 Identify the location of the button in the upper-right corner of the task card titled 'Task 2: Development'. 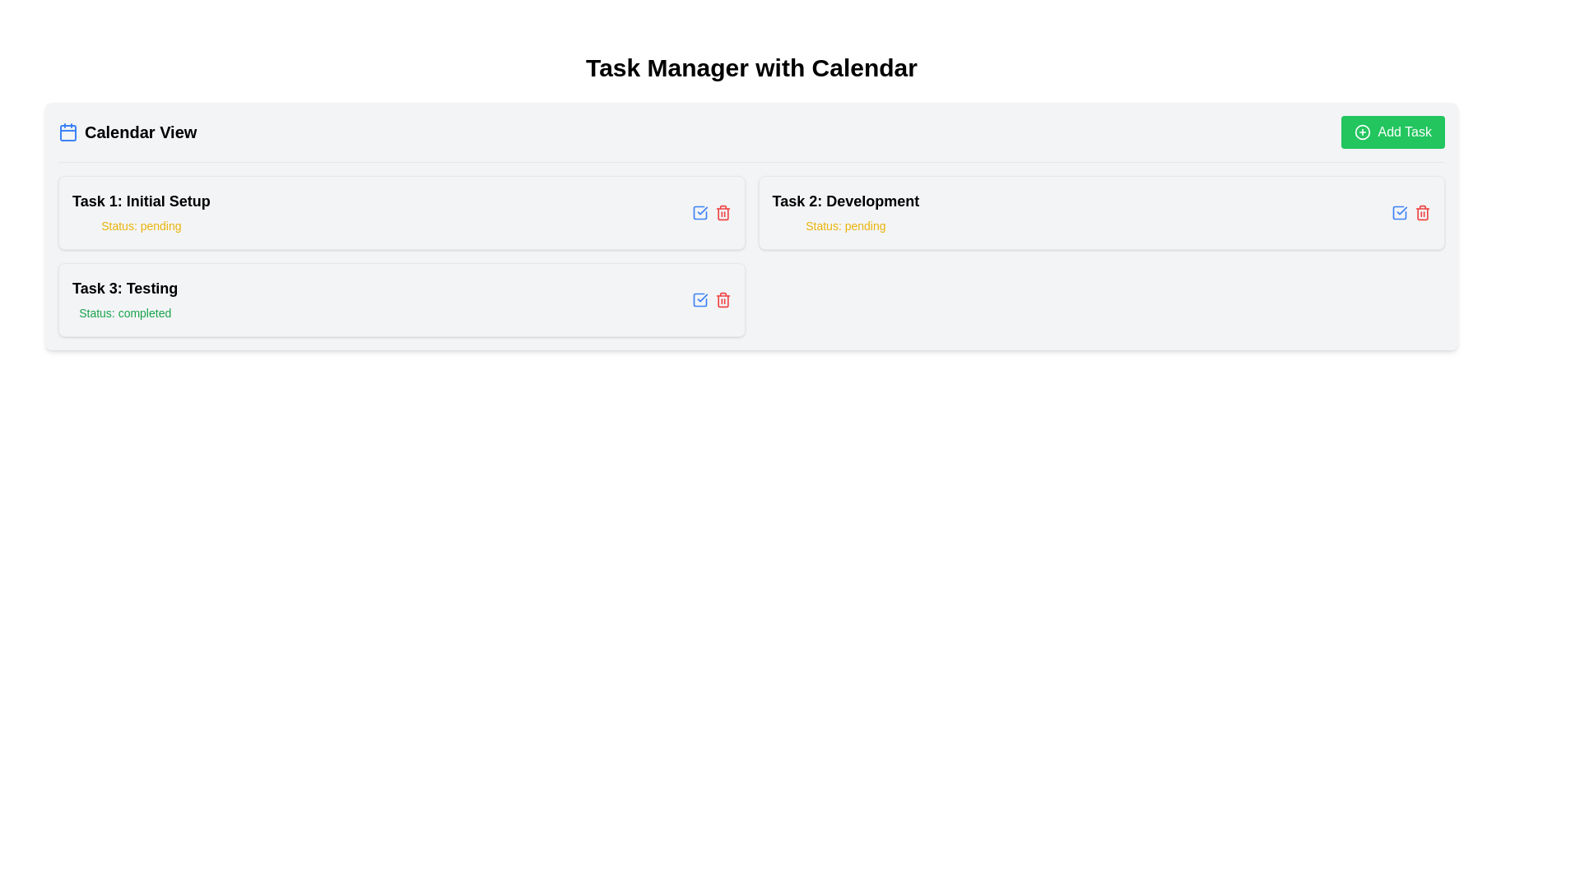
(699, 211).